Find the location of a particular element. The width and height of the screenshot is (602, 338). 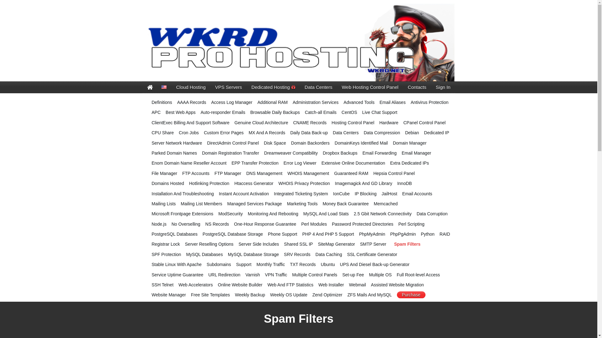

'One-Hour Response Guarantee' is located at coordinates (265, 224).